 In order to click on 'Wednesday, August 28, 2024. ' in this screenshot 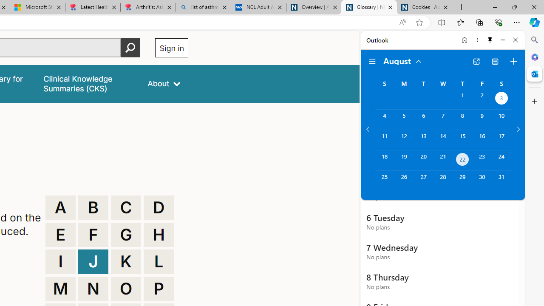, I will do `click(442, 180)`.